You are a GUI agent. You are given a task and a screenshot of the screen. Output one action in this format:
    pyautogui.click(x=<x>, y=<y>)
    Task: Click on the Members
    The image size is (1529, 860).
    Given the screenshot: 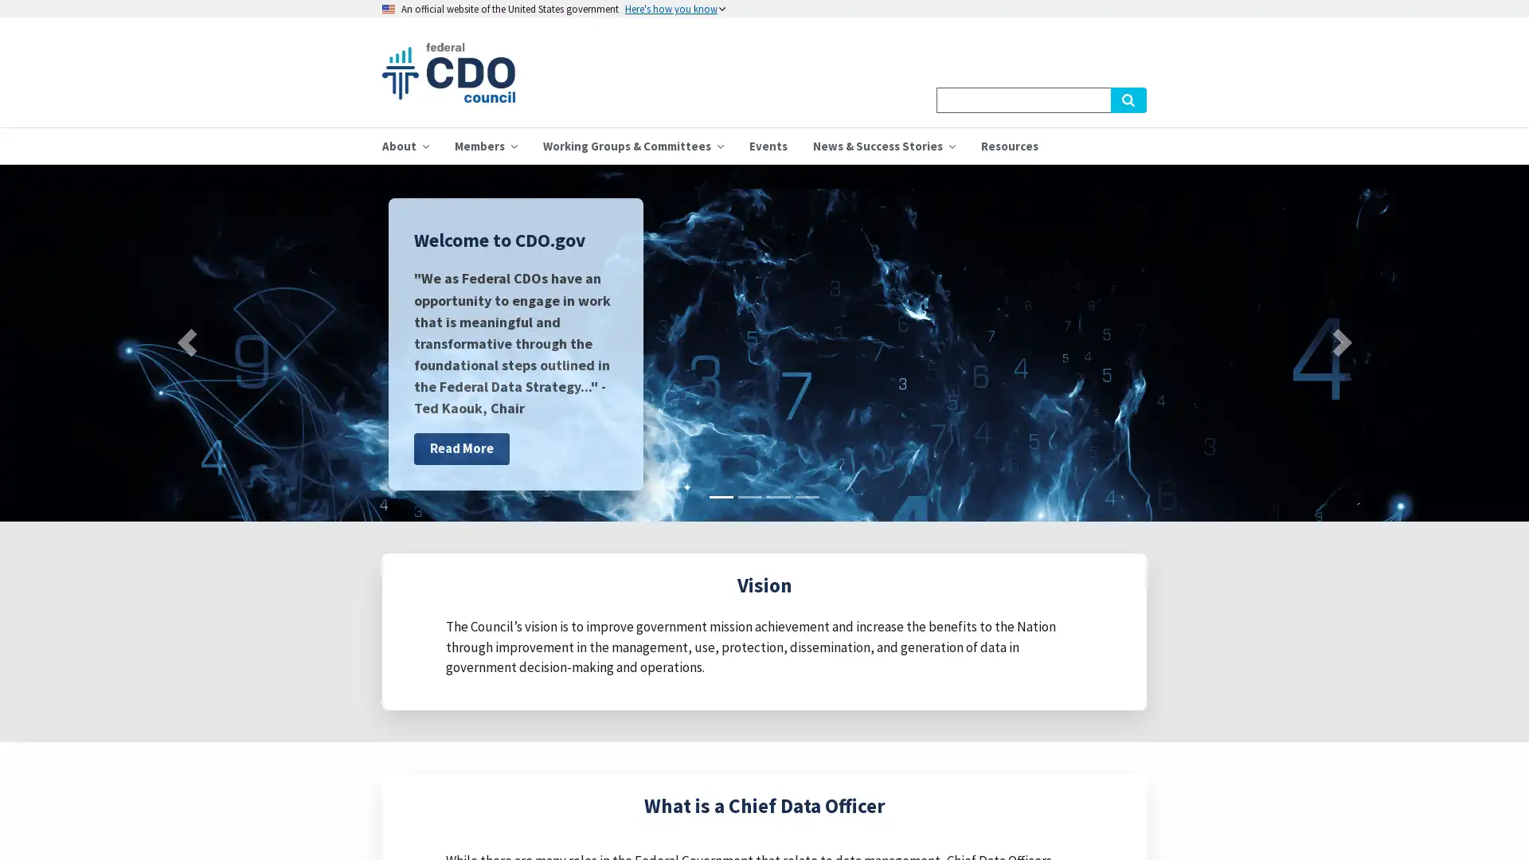 What is the action you would take?
    pyautogui.click(x=485, y=145)
    